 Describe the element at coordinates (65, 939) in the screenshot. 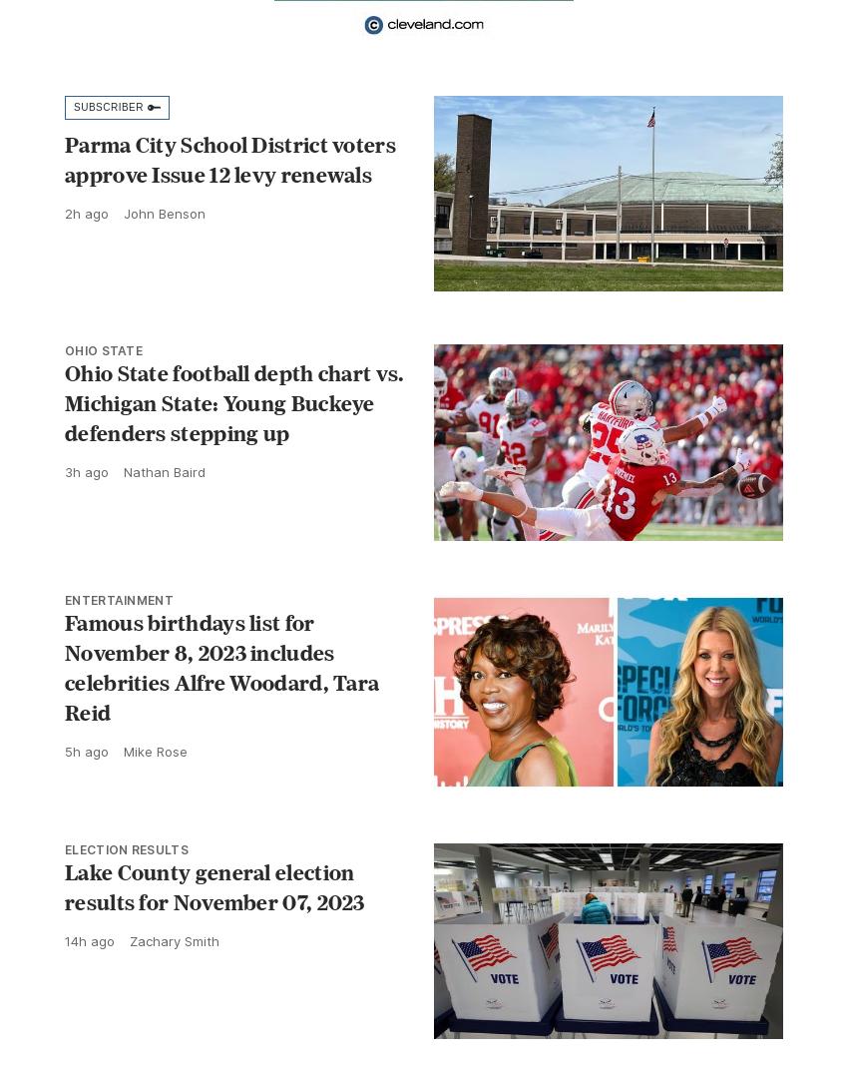

I see `'14h ago'` at that location.